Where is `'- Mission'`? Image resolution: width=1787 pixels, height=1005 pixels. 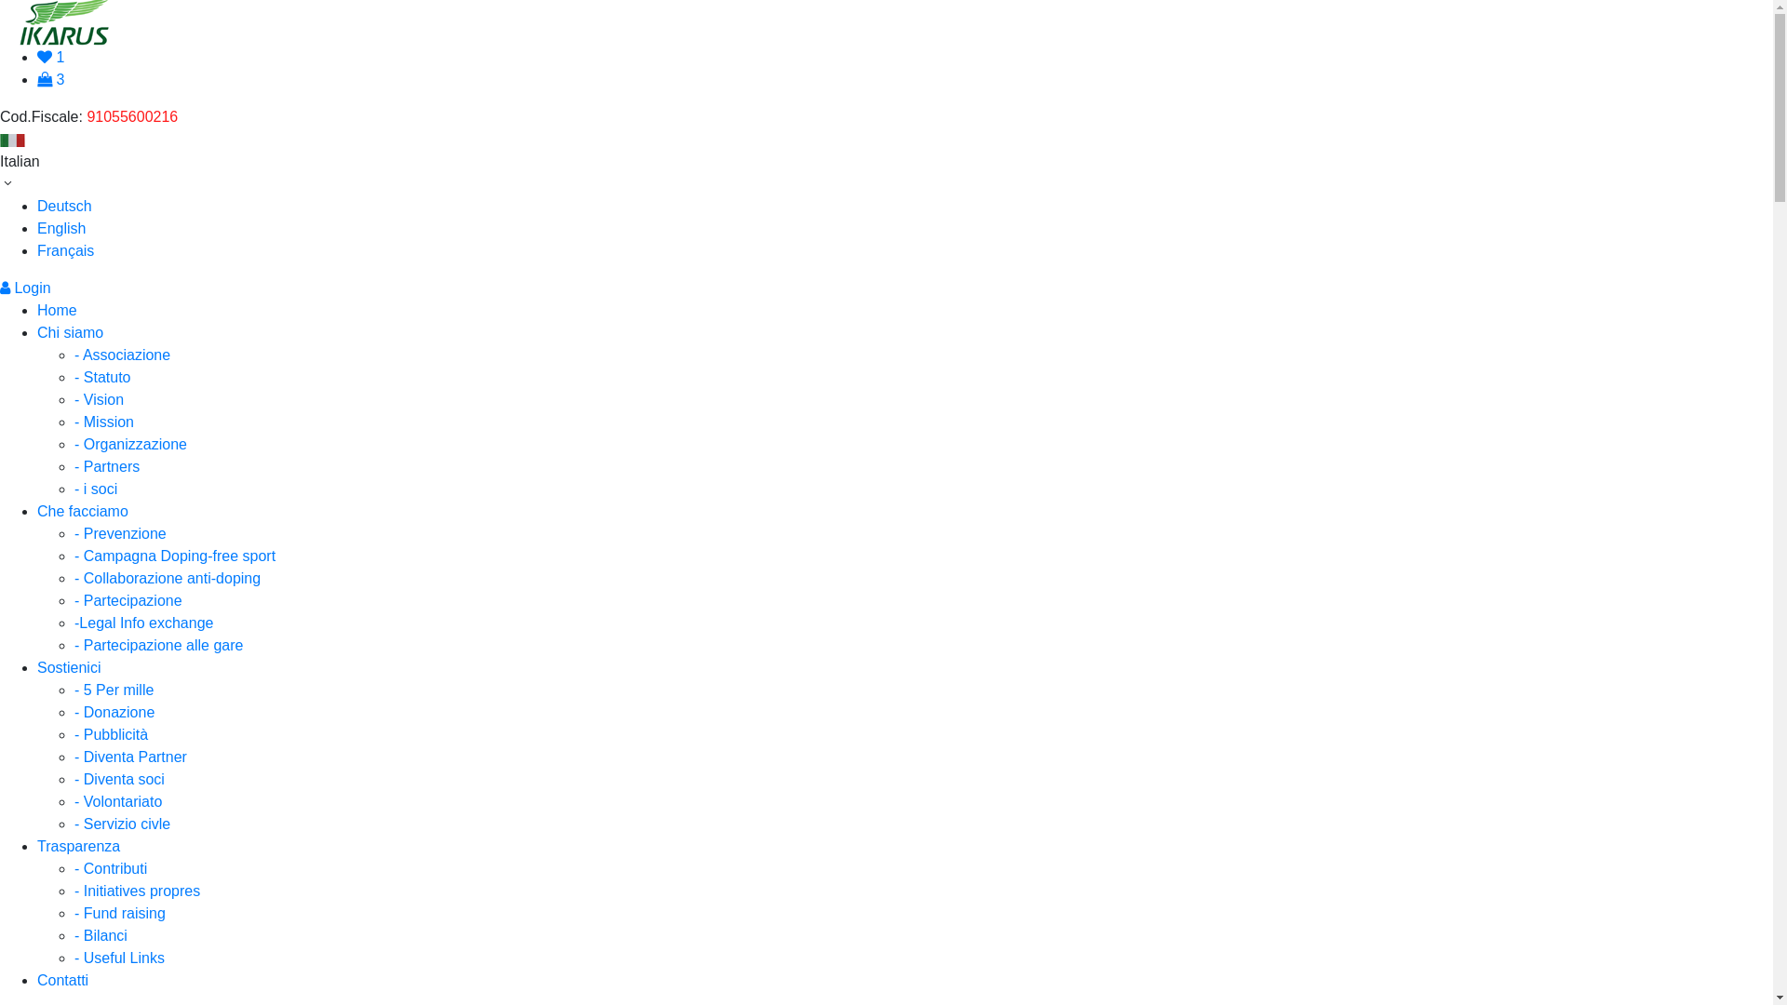 '- Mission' is located at coordinates (74, 422).